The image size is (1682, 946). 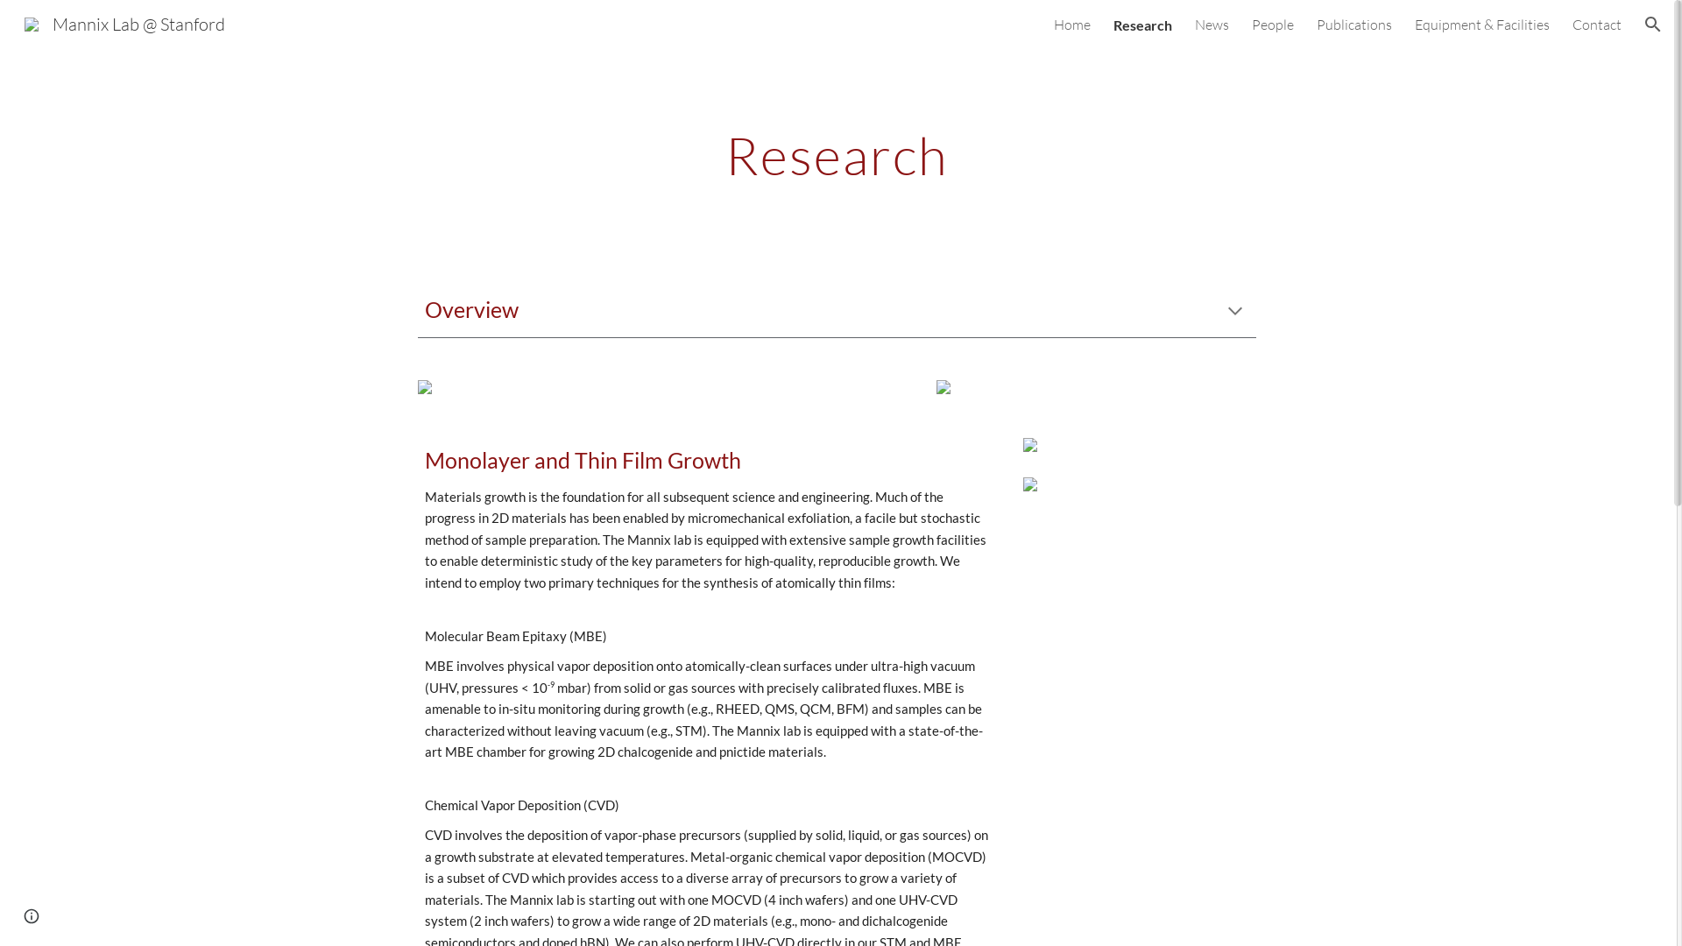 What do you see at coordinates (1053, 24) in the screenshot?
I see `'Home'` at bounding box center [1053, 24].